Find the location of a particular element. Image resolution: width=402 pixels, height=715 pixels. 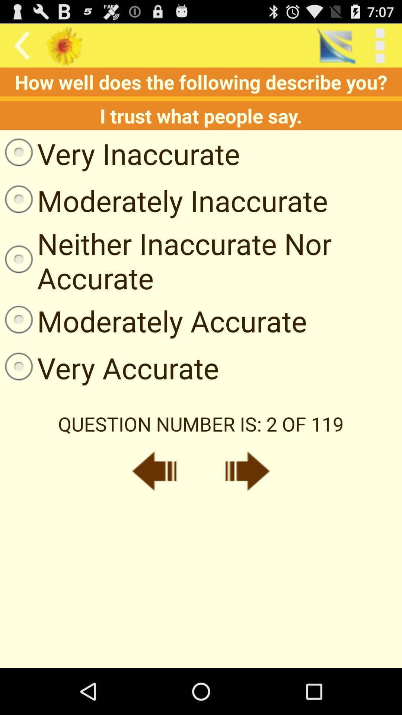

app to the left of < back icon is located at coordinates (336, 45).